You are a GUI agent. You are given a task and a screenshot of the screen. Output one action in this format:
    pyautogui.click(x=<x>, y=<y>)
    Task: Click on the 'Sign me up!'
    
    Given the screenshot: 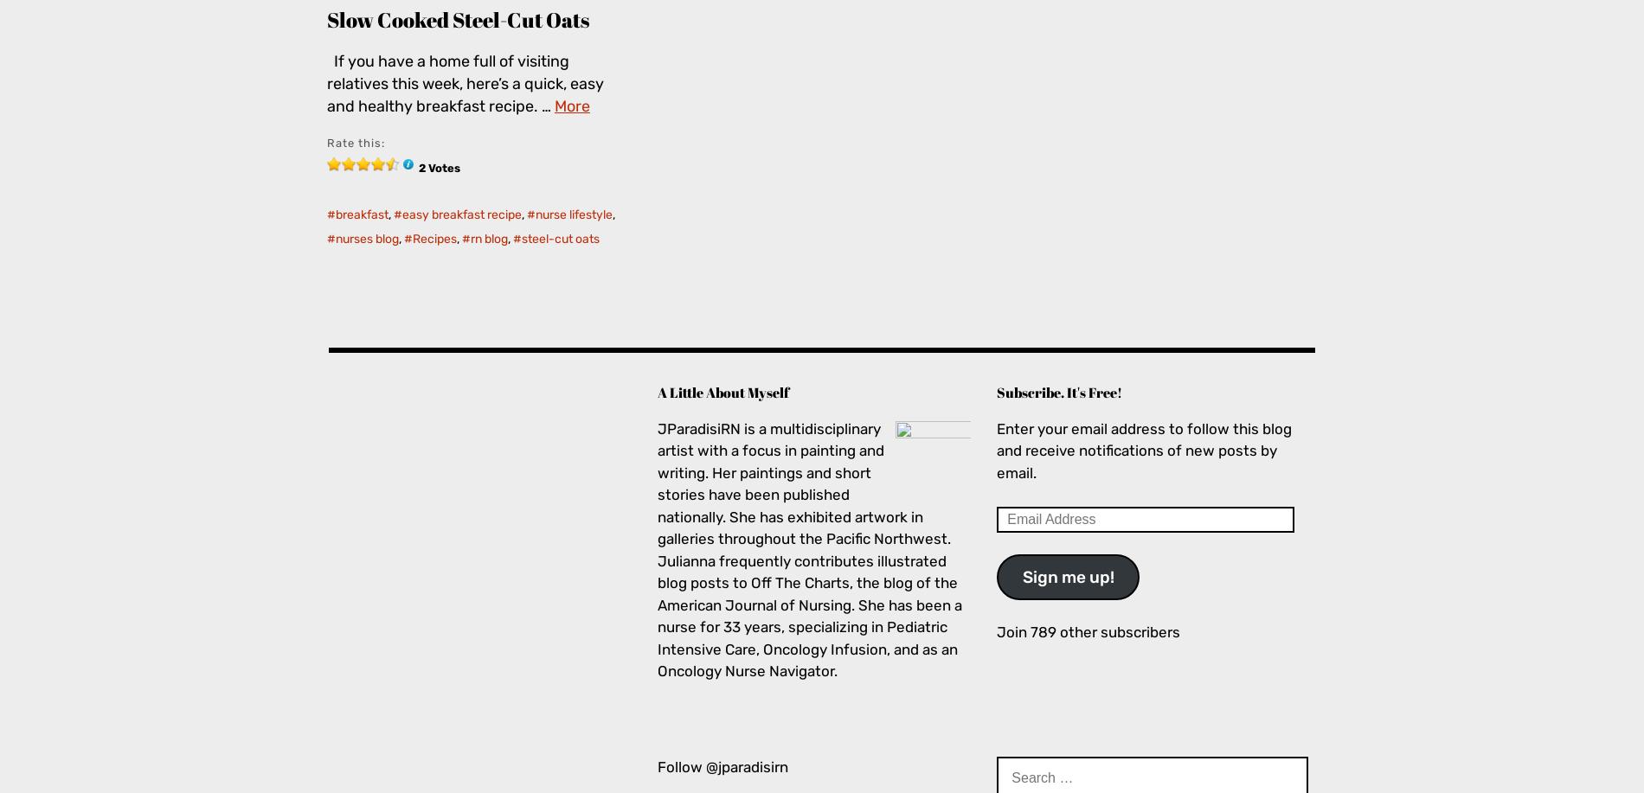 What is the action you would take?
    pyautogui.click(x=1067, y=576)
    